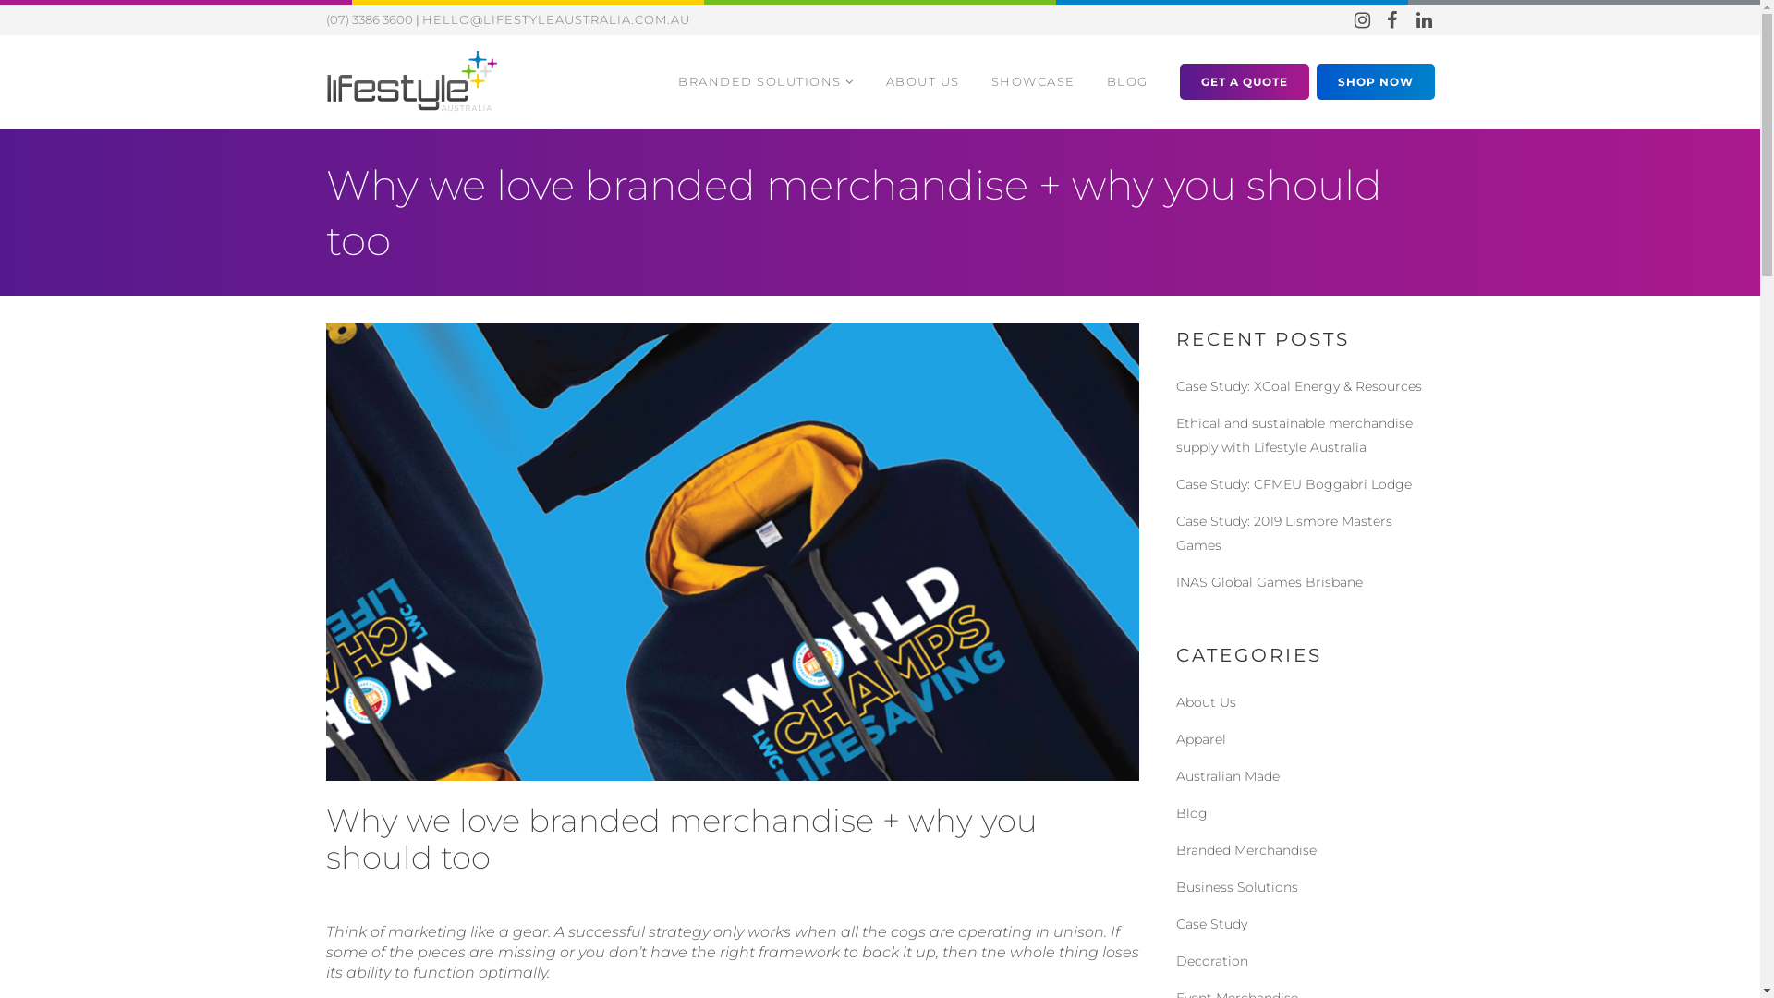 The width and height of the screenshot is (1774, 998). I want to click on 'SHOWCASE', so click(1032, 80).